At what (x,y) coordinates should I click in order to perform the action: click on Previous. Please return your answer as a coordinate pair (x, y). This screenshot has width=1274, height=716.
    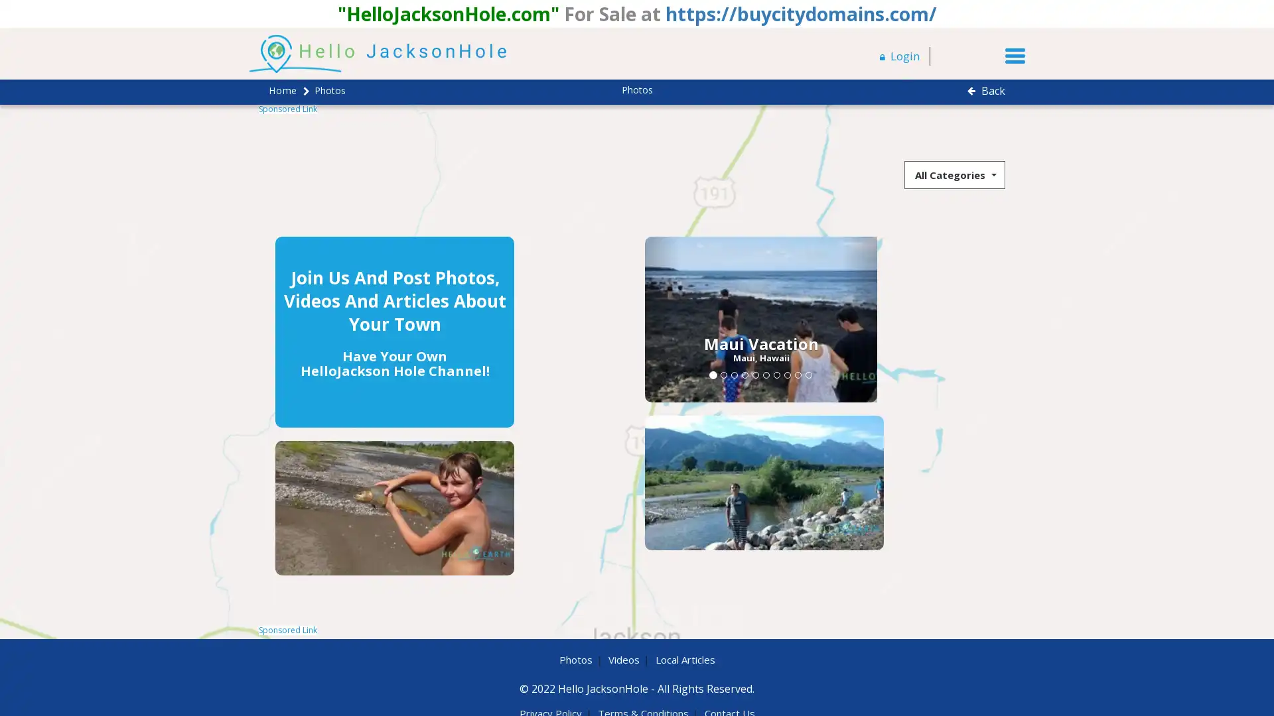
    Looking at the image, I should click on (544, 319).